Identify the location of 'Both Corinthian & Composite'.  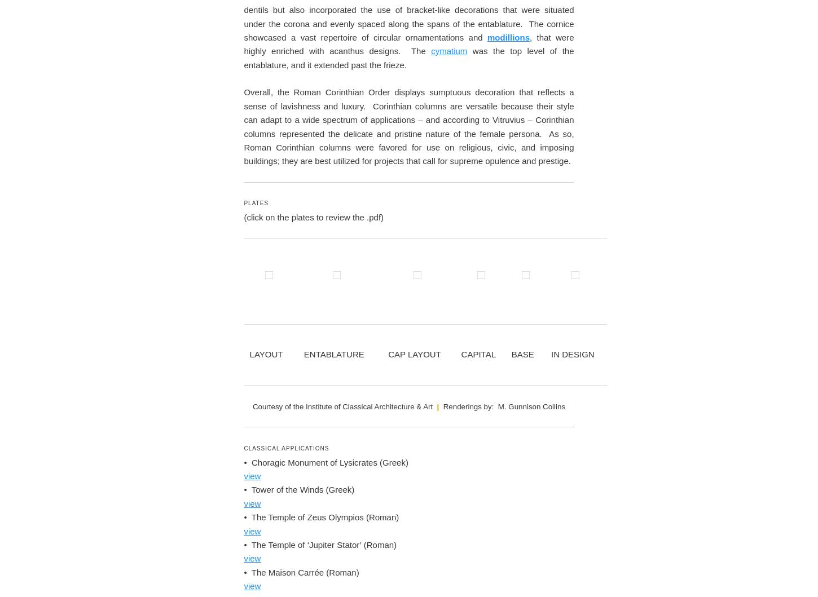
(243, 277).